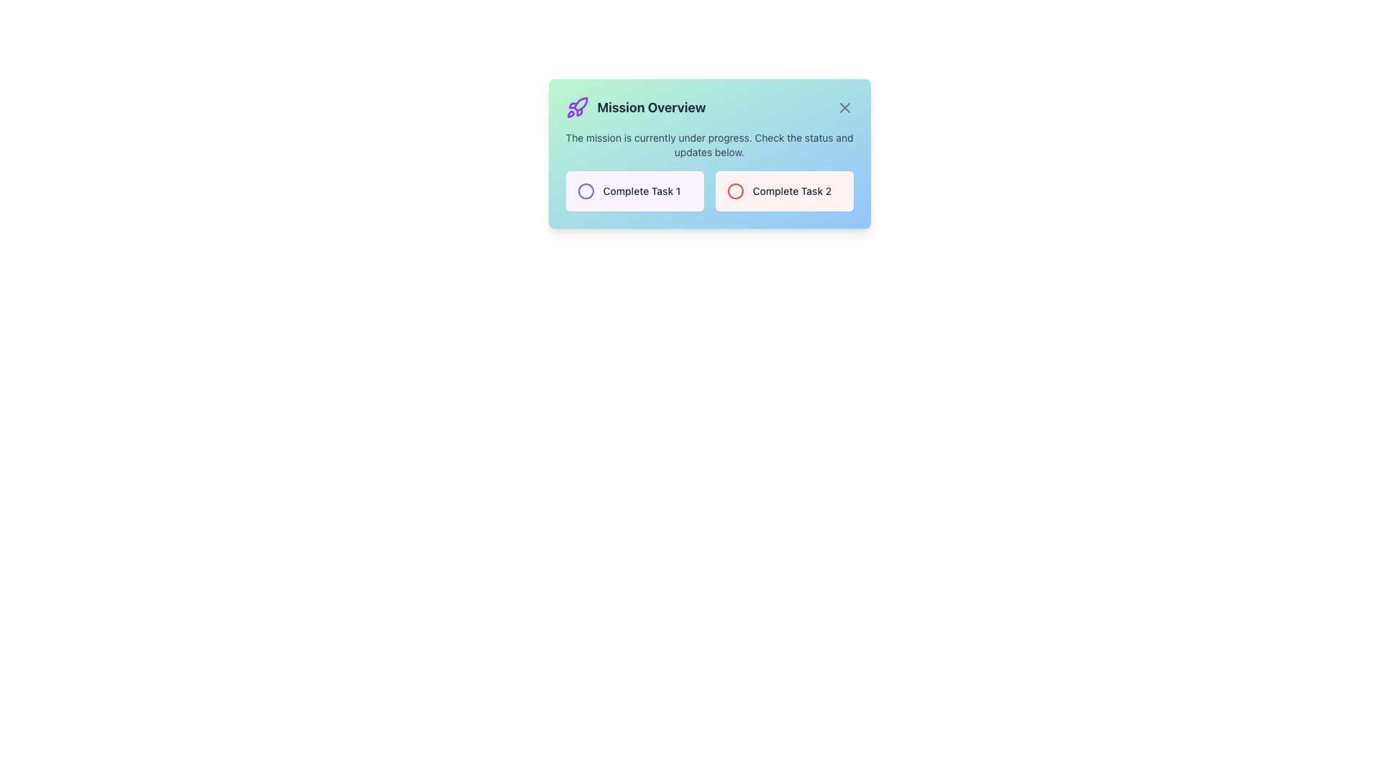 Image resolution: width=1381 pixels, height=777 pixels. I want to click on the task, so click(641, 191).